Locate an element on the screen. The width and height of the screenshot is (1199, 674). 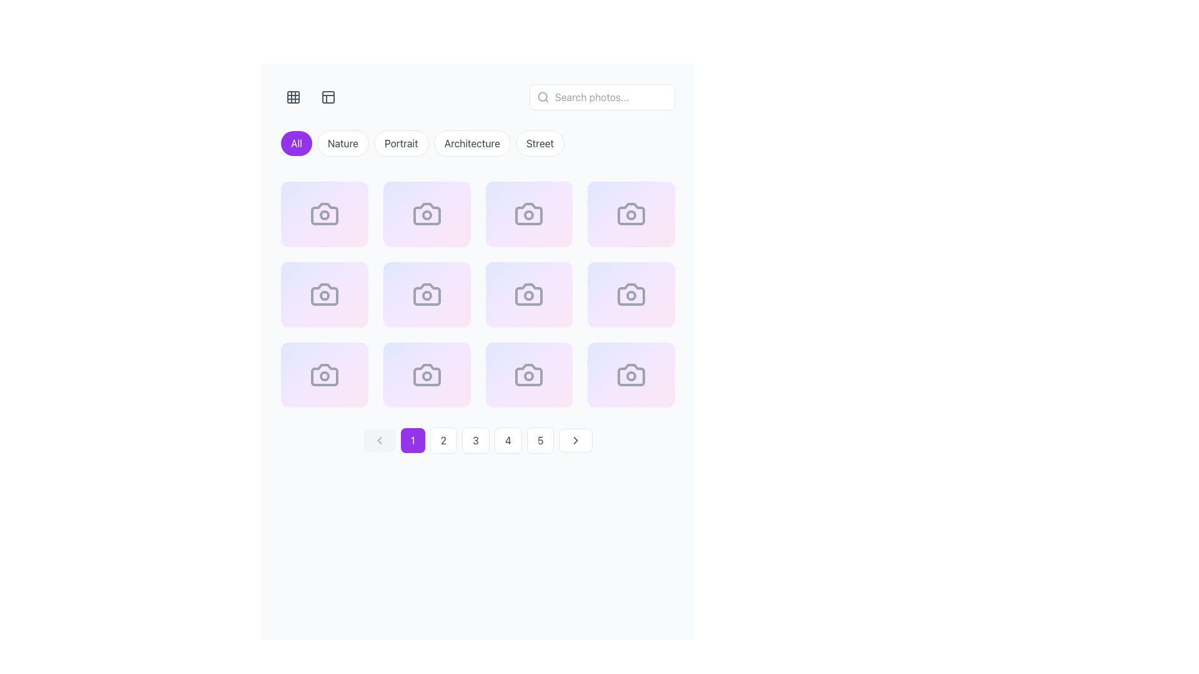
the stylized camera icon with a circular lens, located in the central position of the second row in a 3x4 grid layout is located at coordinates (529, 295).